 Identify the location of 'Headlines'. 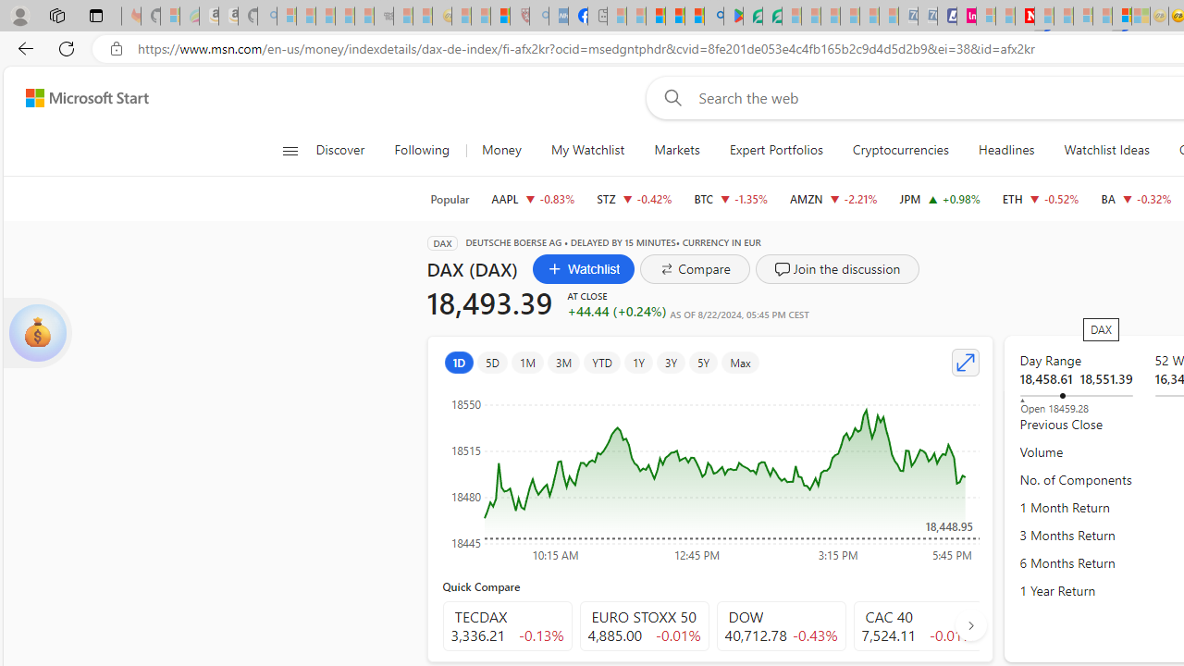
(1005, 150).